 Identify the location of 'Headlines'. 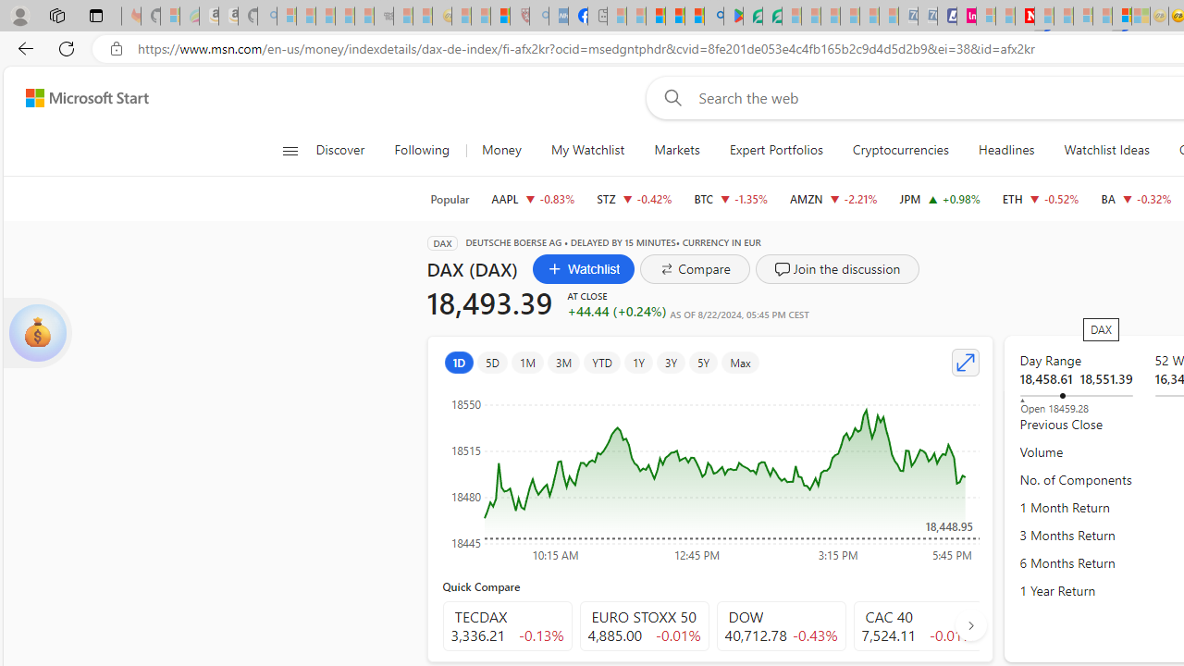
(1005, 150).